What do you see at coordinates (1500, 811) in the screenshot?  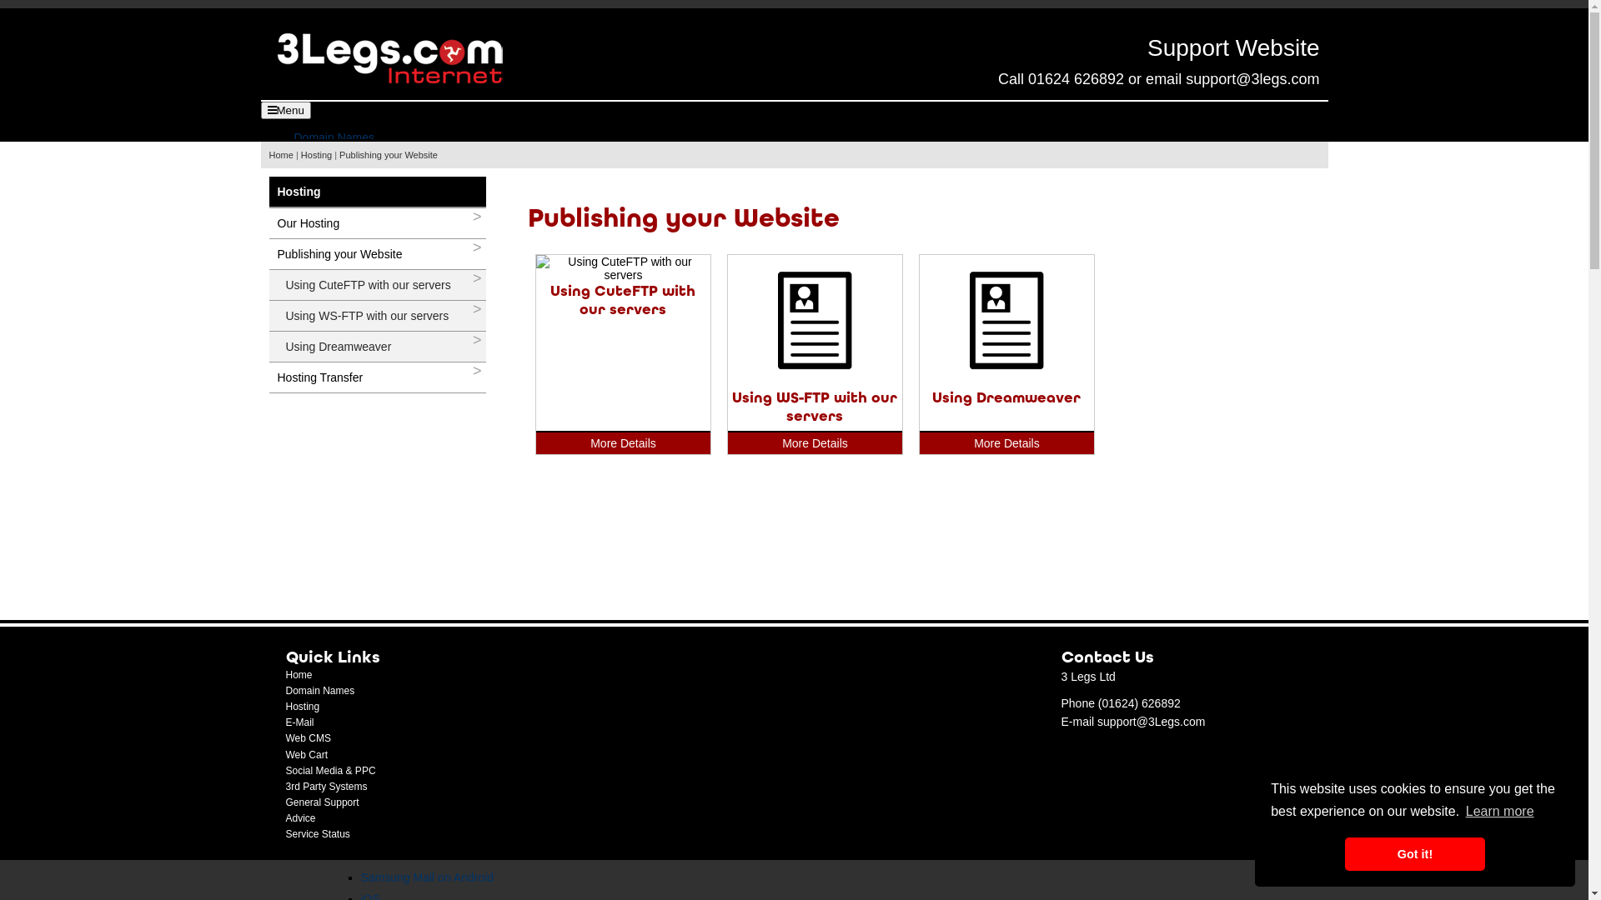 I see `'Learn more'` at bounding box center [1500, 811].